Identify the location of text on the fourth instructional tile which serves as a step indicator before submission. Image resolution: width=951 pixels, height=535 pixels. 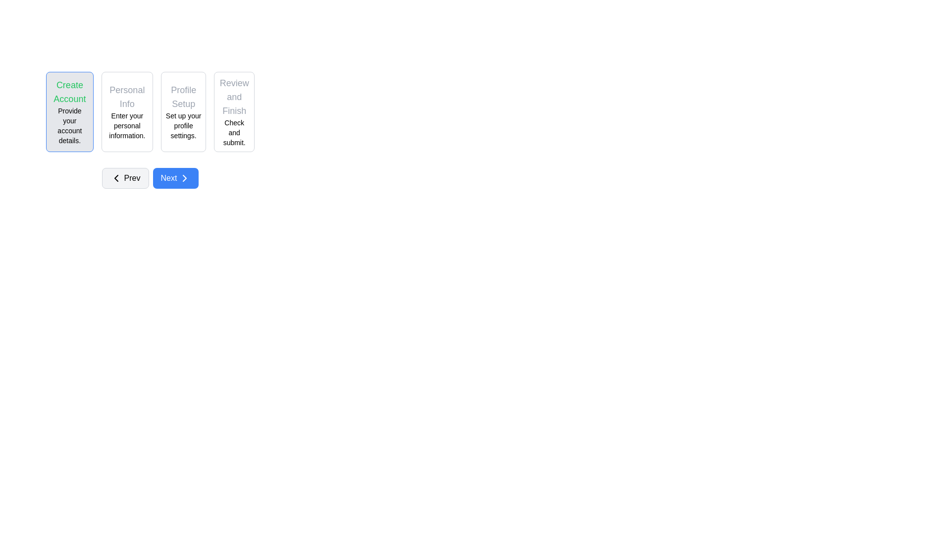
(234, 111).